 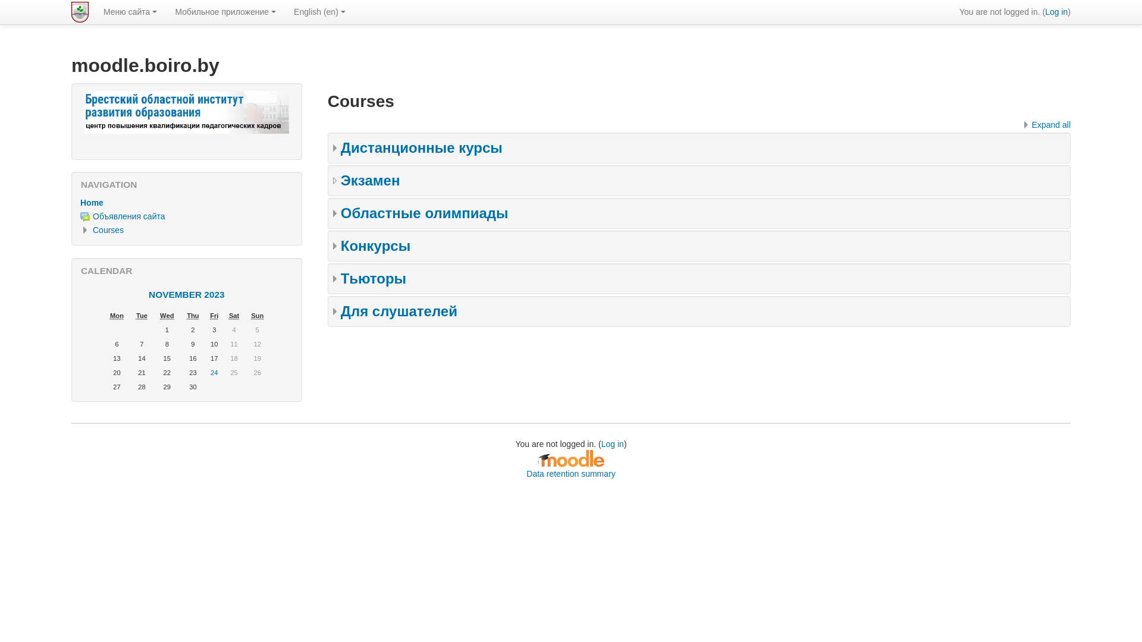 I want to click on 'English (en)', so click(x=319, y=11).